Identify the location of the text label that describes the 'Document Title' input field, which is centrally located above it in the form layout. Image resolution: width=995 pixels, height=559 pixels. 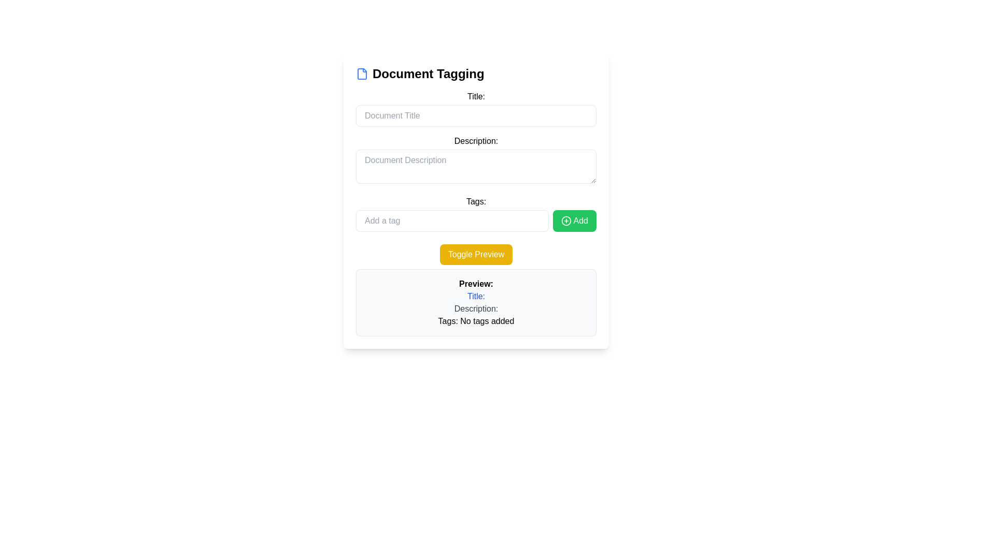
(475, 96).